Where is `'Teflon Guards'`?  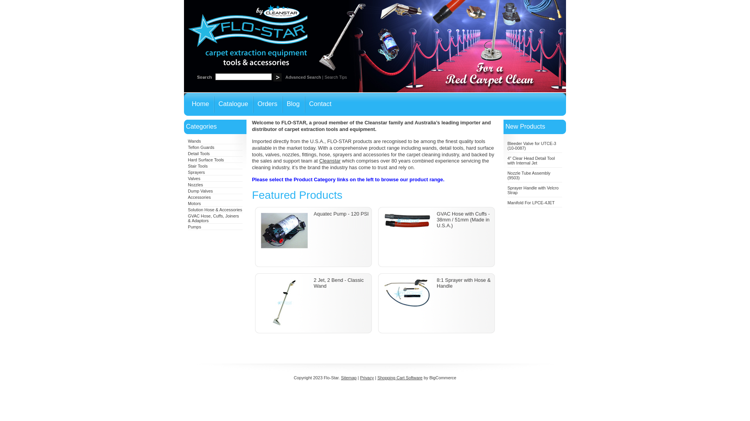
'Teflon Guards' is located at coordinates (201, 147).